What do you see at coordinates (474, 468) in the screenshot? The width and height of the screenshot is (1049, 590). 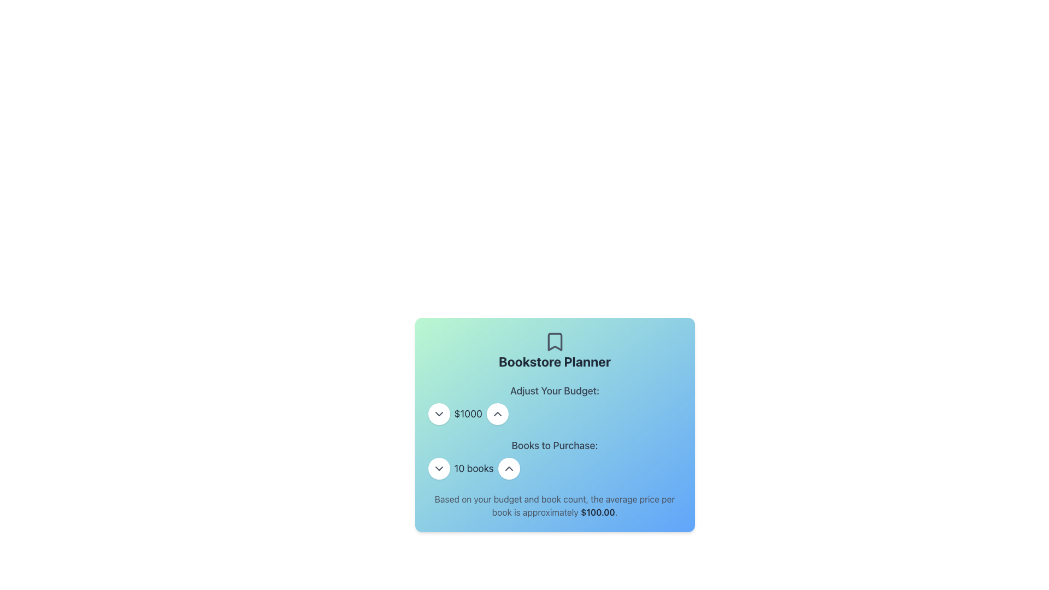 I see `the text label that displays the current number of books selected, located centrally between a downward arrow on the left and an upward arrow on the right` at bounding box center [474, 468].